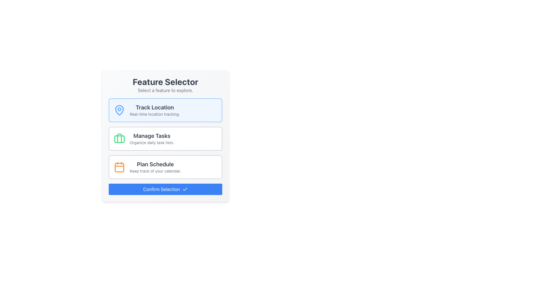 Image resolution: width=545 pixels, height=307 pixels. Describe the element at coordinates (165, 167) in the screenshot. I see `the 'Plan Schedule' button-like selectable list item, which features an orange calendar icon and is the third item in a vertical list` at that location.